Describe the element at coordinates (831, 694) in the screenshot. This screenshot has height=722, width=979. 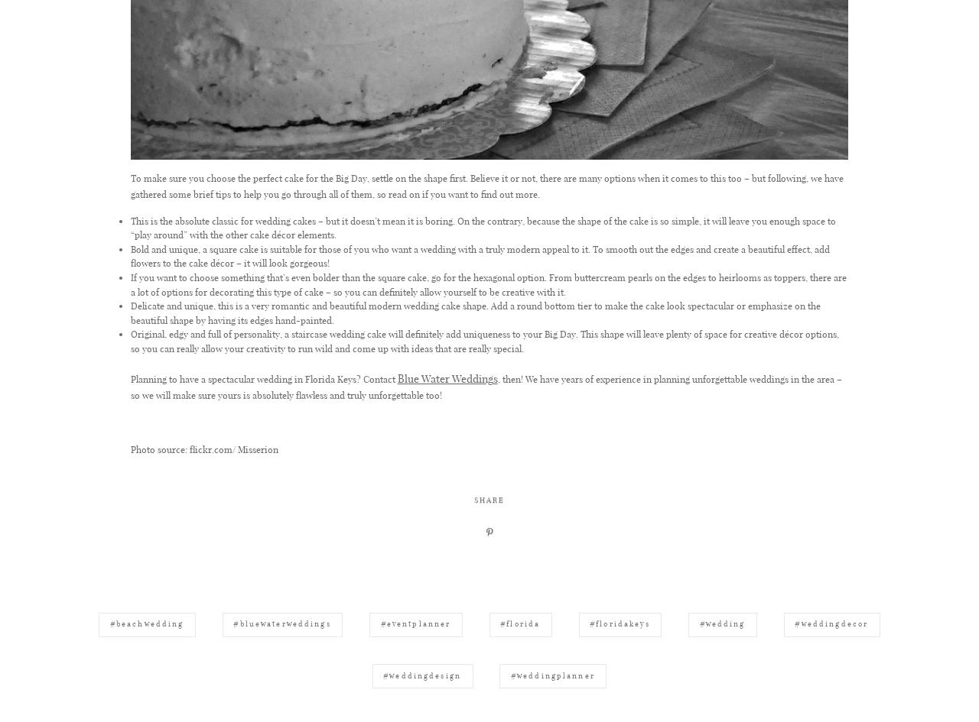
I see `'#weddingdecor'` at that location.